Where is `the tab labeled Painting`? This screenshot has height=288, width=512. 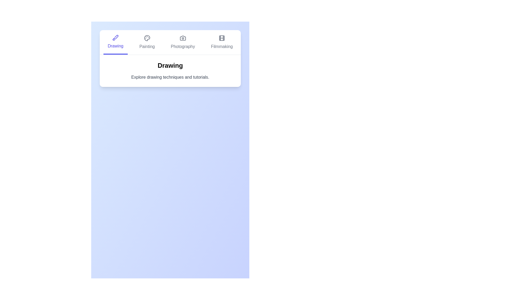 the tab labeled Painting is located at coordinates (147, 42).